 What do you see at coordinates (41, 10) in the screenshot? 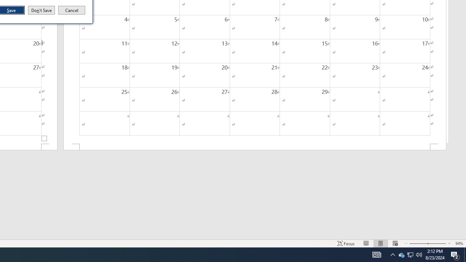
I see `'Don'` at bounding box center [41, 10].